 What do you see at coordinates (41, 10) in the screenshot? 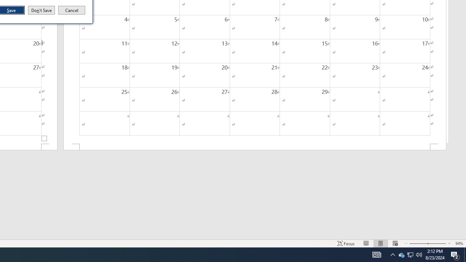
I see `'Don'` at bounding box center [41, 10].